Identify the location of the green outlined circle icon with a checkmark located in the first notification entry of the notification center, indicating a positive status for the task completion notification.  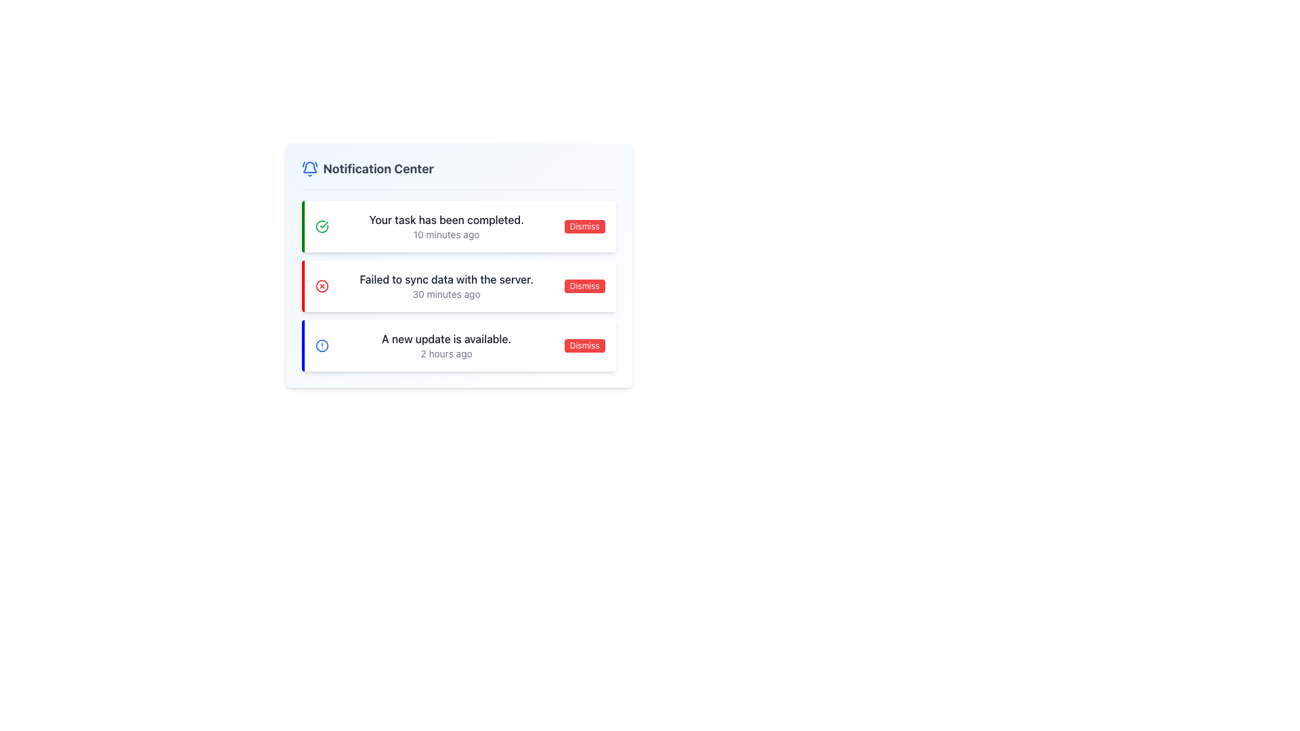
(321, 226).